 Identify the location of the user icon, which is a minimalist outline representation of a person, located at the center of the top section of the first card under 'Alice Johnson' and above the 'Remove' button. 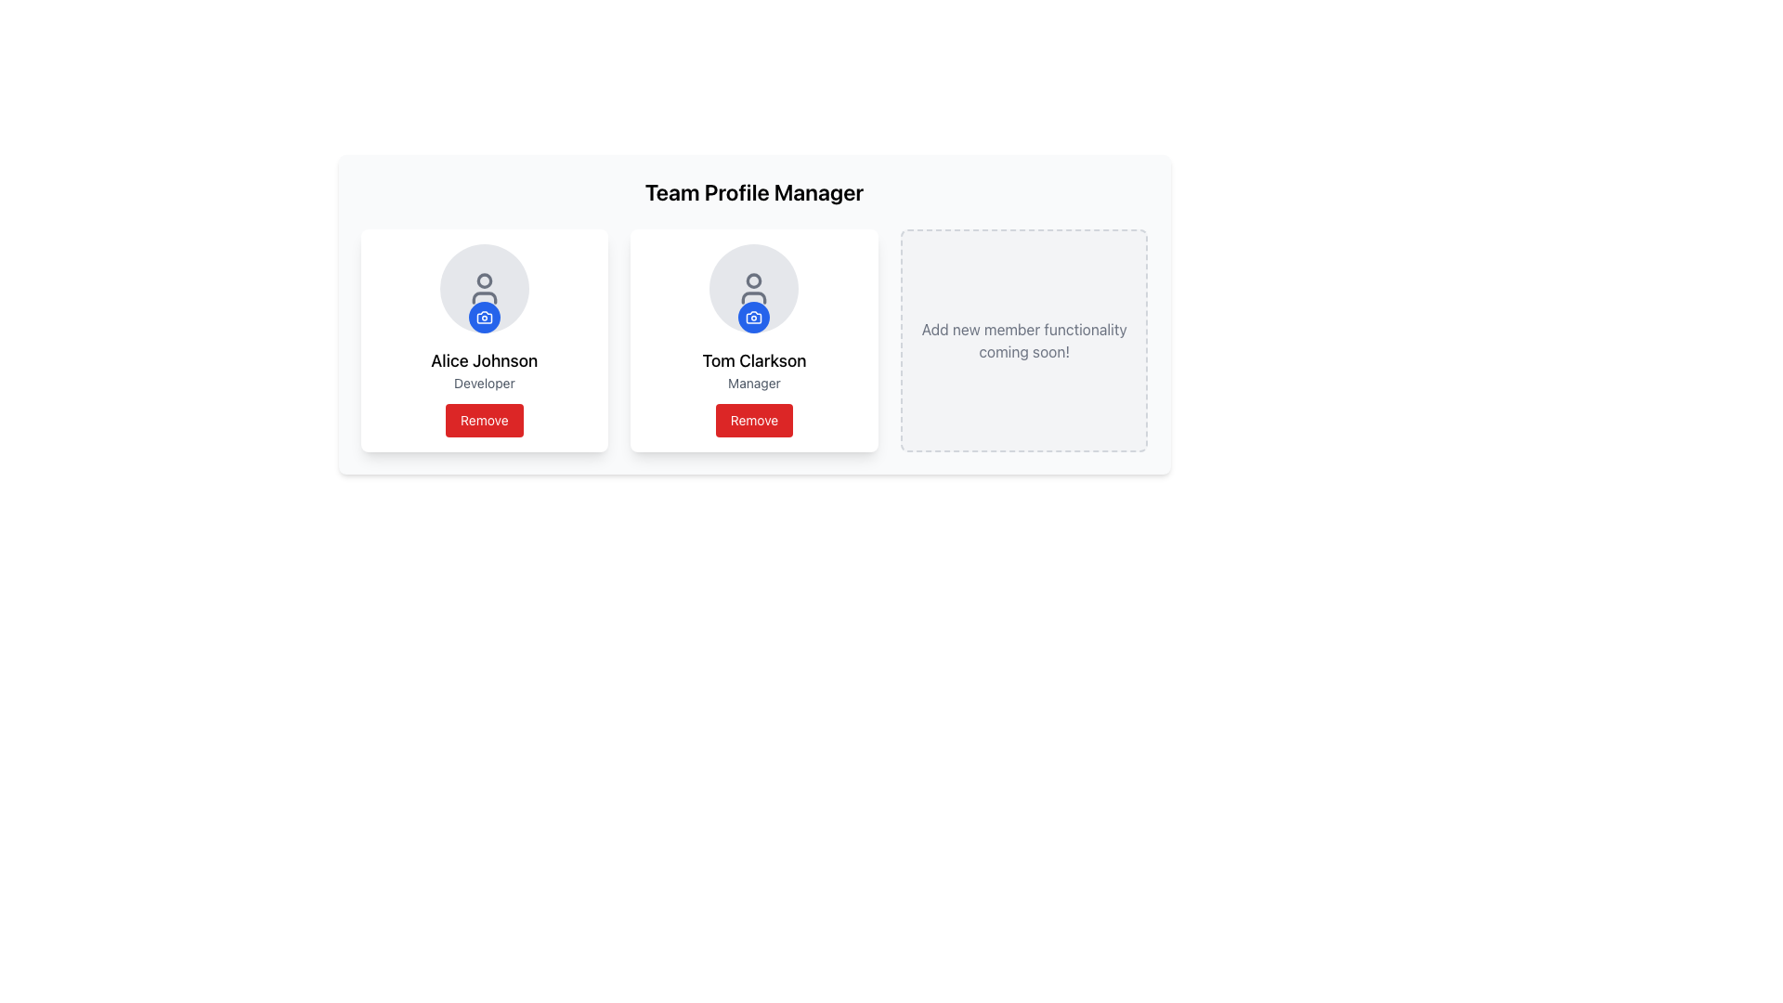
(484, 289).